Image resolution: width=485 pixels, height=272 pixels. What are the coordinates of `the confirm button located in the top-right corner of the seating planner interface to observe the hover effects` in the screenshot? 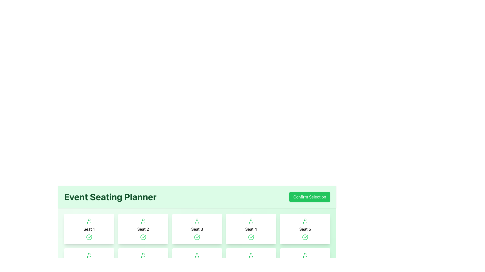 It's located at (309, 197).